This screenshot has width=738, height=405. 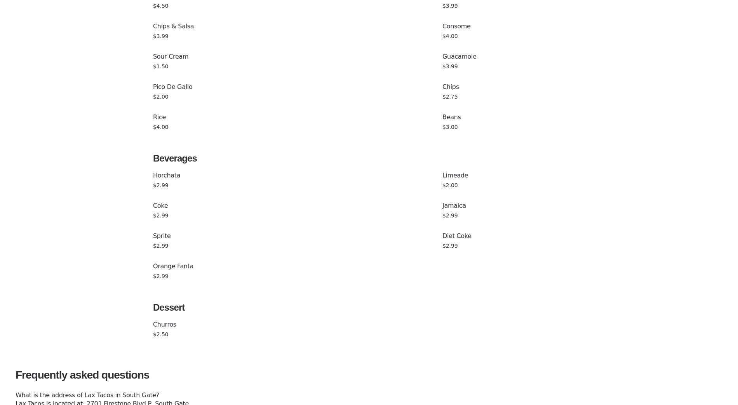 What do you see at coordinates (442, 205) in the screenshot?
I see `'Jamaica'` at bounding box center [442, 205].